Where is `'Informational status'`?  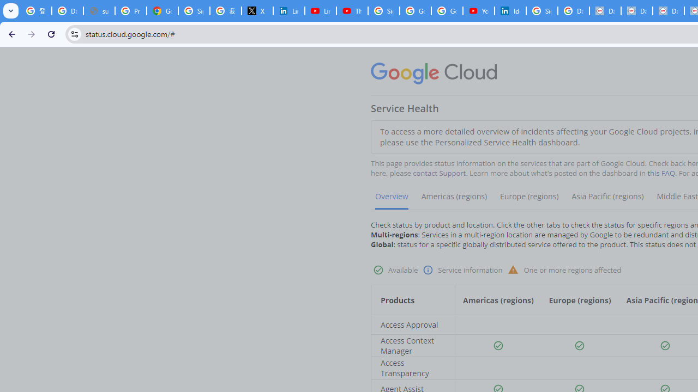 'Informational status' is located at coordinates (428, 269).